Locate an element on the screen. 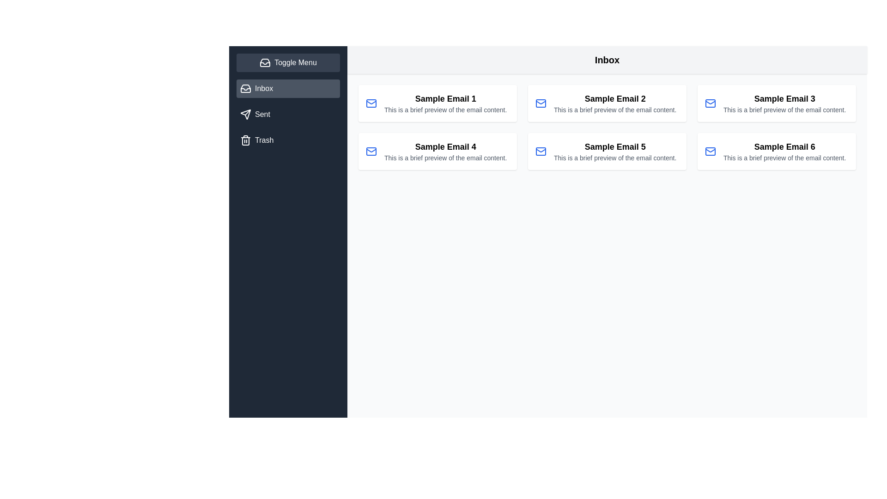 The width and height of the screenshot is (887, 499). the clickable card element titled 'Sample Email 5' is located at coordinates (615, 151).